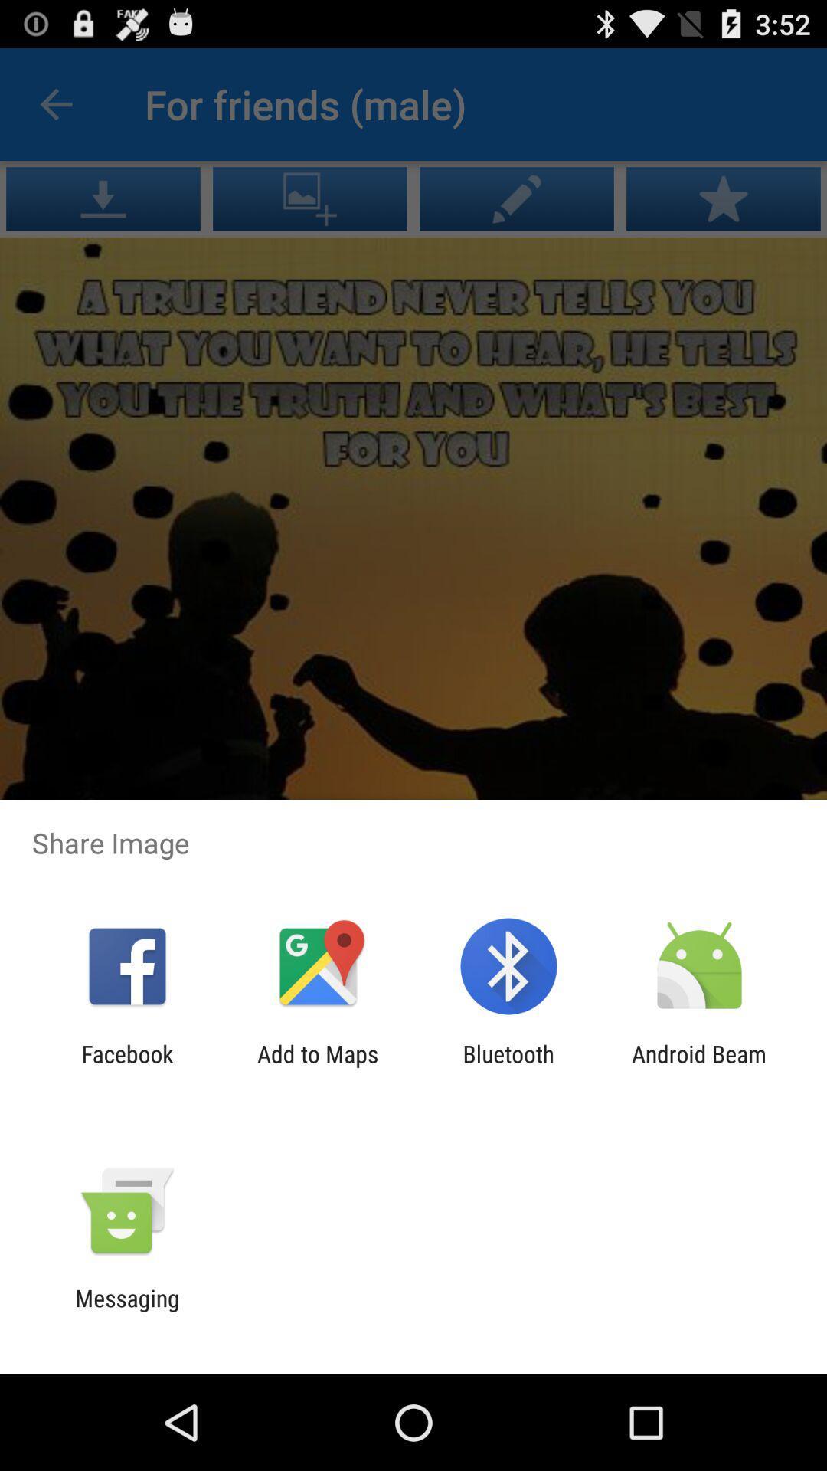 The image size is (827, 1471). What do you see at coordinates (699, 1066) in the screenshot?
I see `android beam app` at bounding box center [699, 1066].